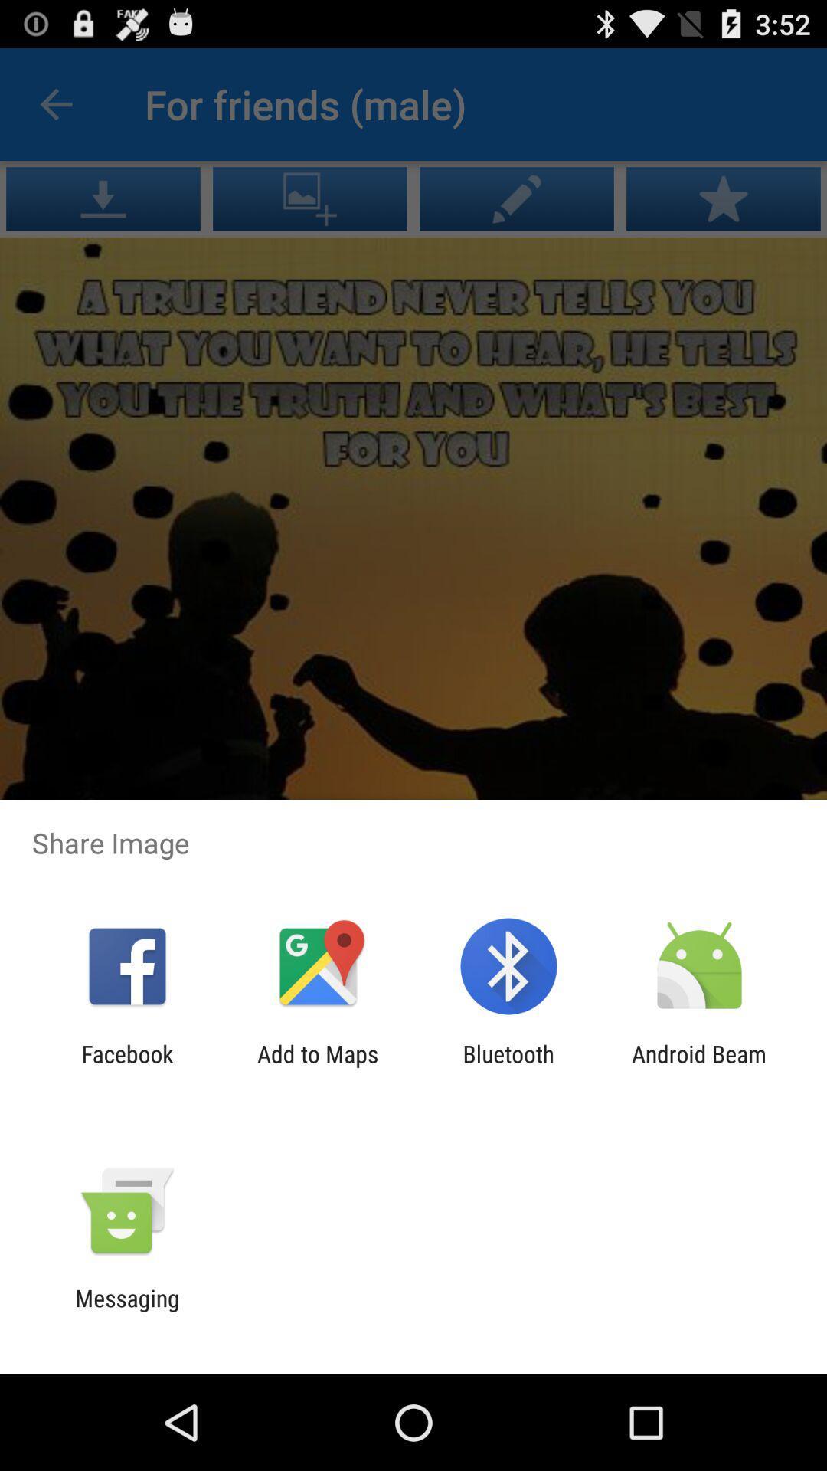 The image size is (827, 1471). What do you see at coordinates (699, 1066) in the screenshot?
I see `android beam app` at bounding box center [699, 1066].